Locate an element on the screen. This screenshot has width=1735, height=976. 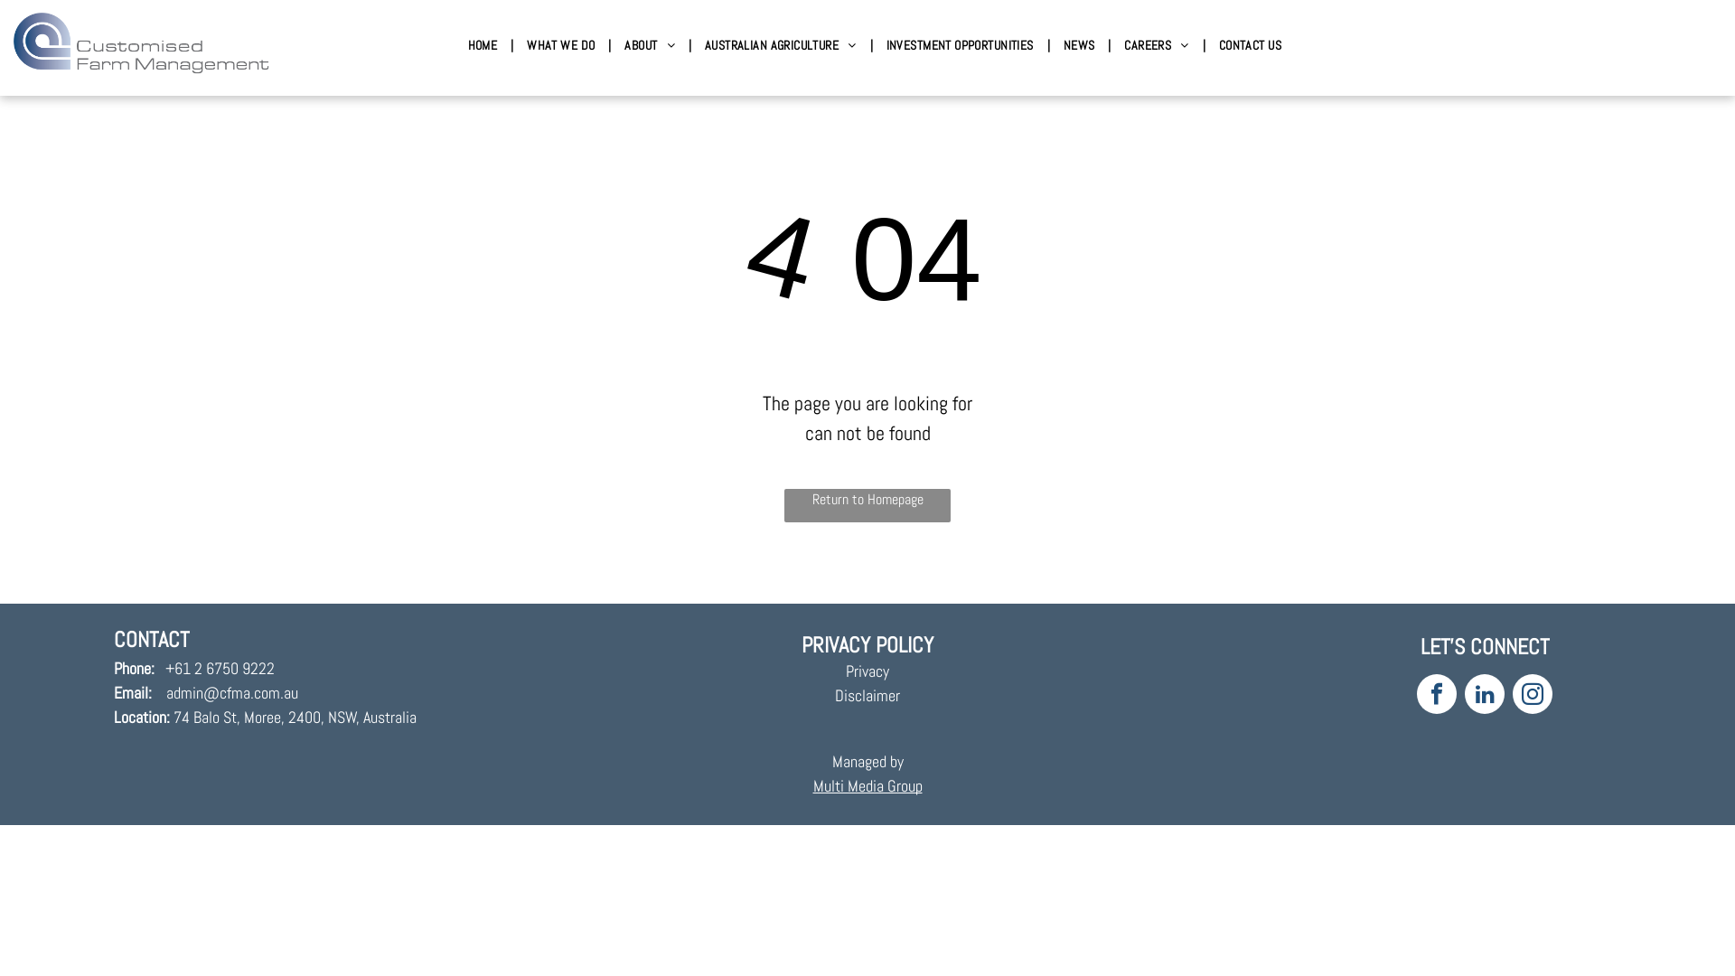
'Privacy' is located at coordinates (867, 671).